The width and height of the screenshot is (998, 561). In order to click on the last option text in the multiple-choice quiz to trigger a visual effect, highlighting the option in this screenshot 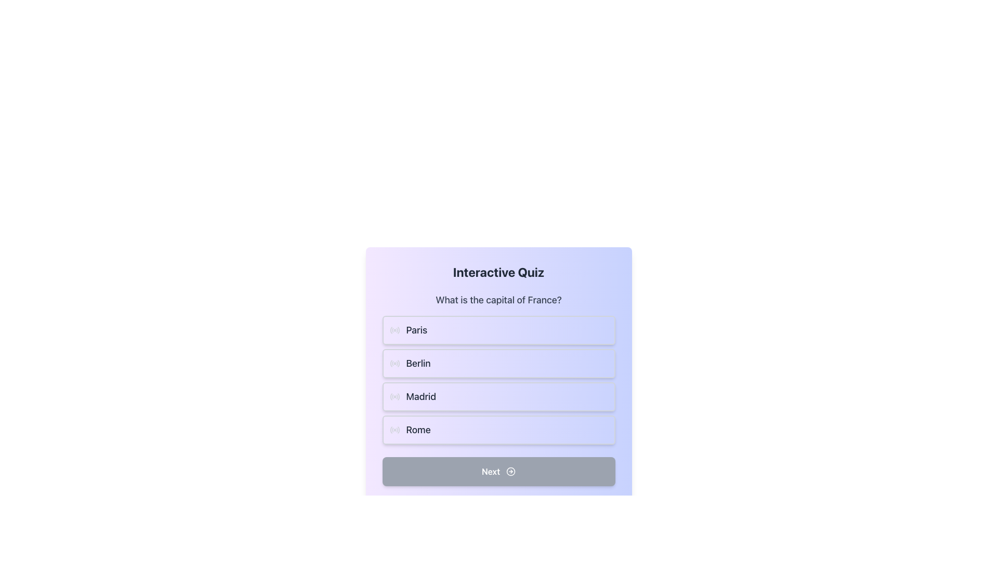, I will do `click(418, 430)`.